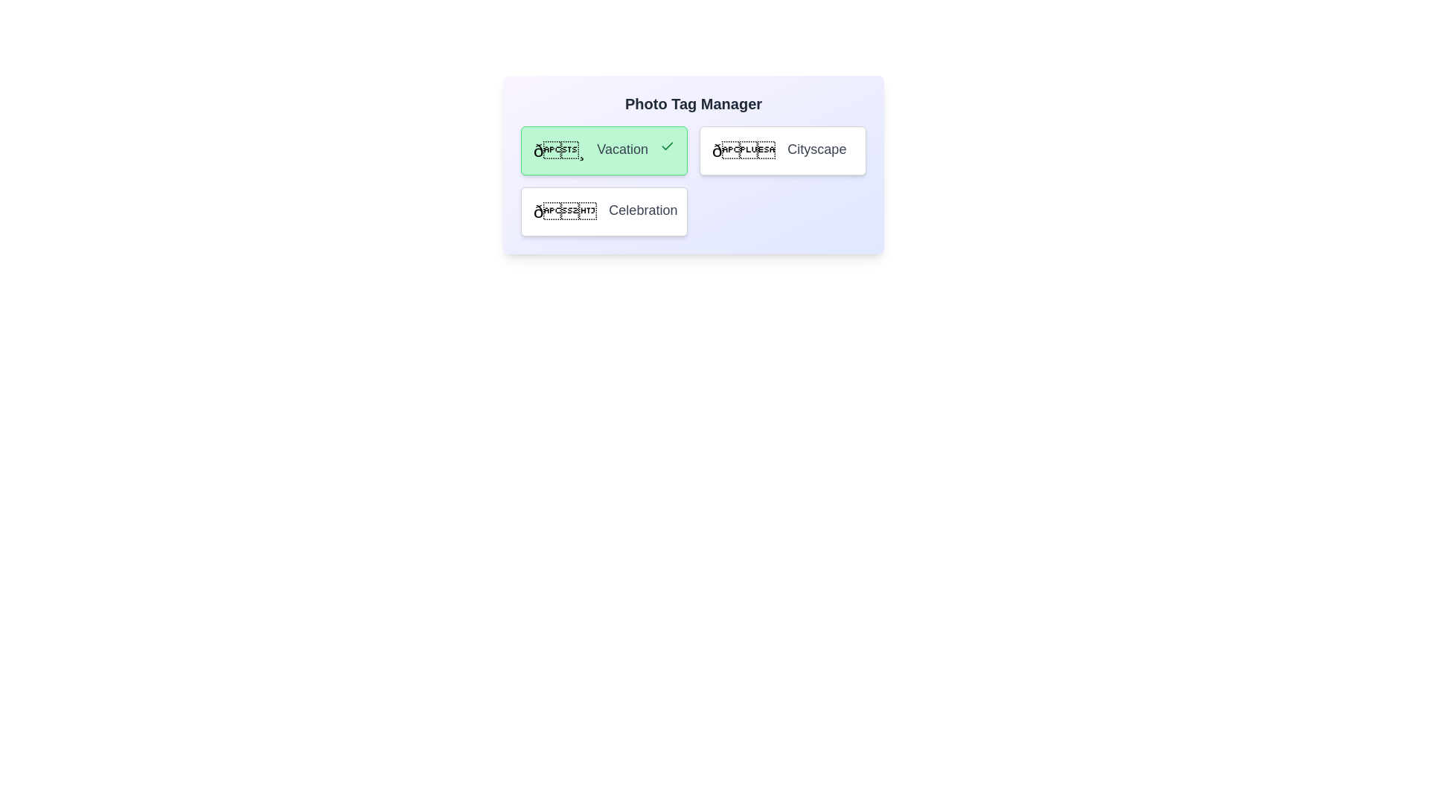 The height and width of the screenshot is (803, 1429). What do you see at coordinates (604, 151) in the screenshot?
I see `the tag labeled Vacation` at bounding box center [604, 151].